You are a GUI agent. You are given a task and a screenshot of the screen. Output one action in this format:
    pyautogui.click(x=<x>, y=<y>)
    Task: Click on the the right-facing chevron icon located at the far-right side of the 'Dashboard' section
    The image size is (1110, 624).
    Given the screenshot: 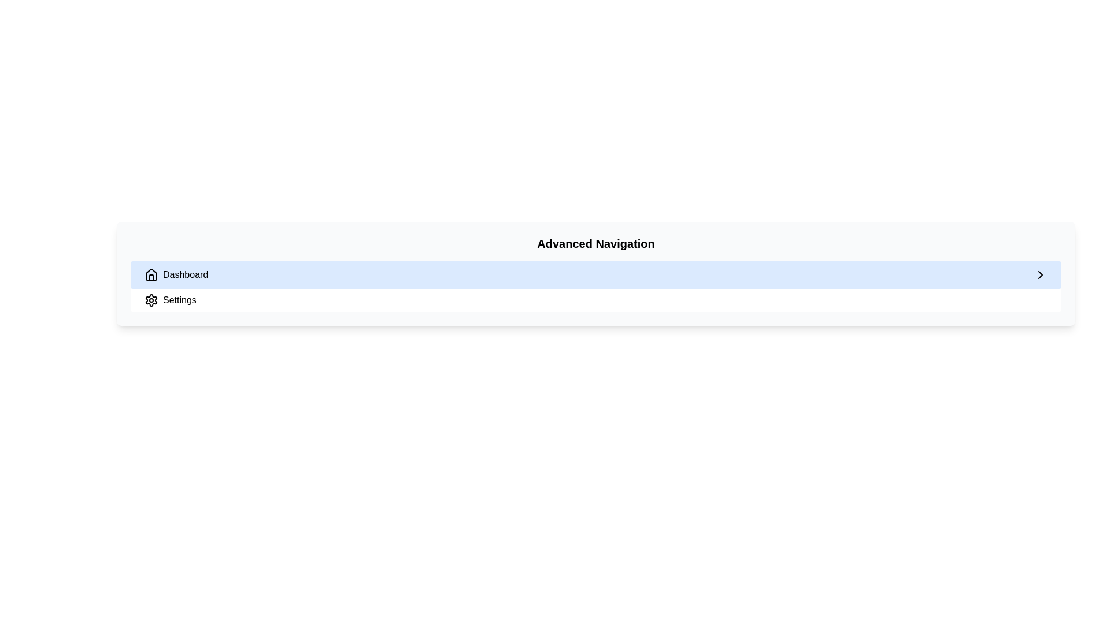 What is the action you would take?
    pyautogui.click(x=1041, y=274)
    